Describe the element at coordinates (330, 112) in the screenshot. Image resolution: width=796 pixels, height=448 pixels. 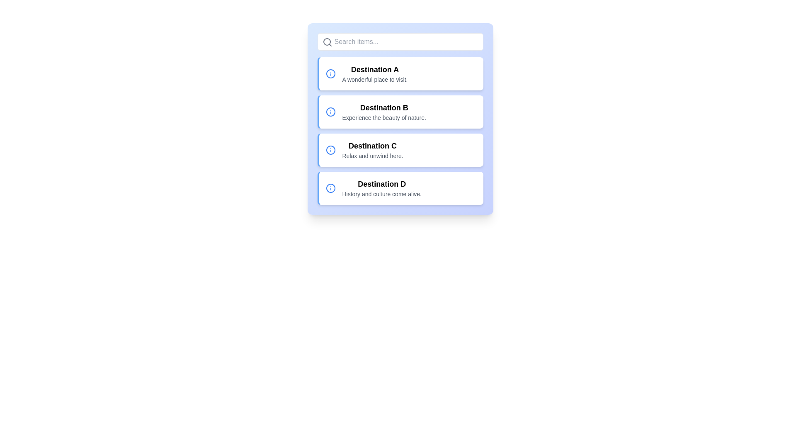
I see `the circular informational icon with a blue outline located to the left of the 'Destination B' text in the second item of the vertical list` at that location.